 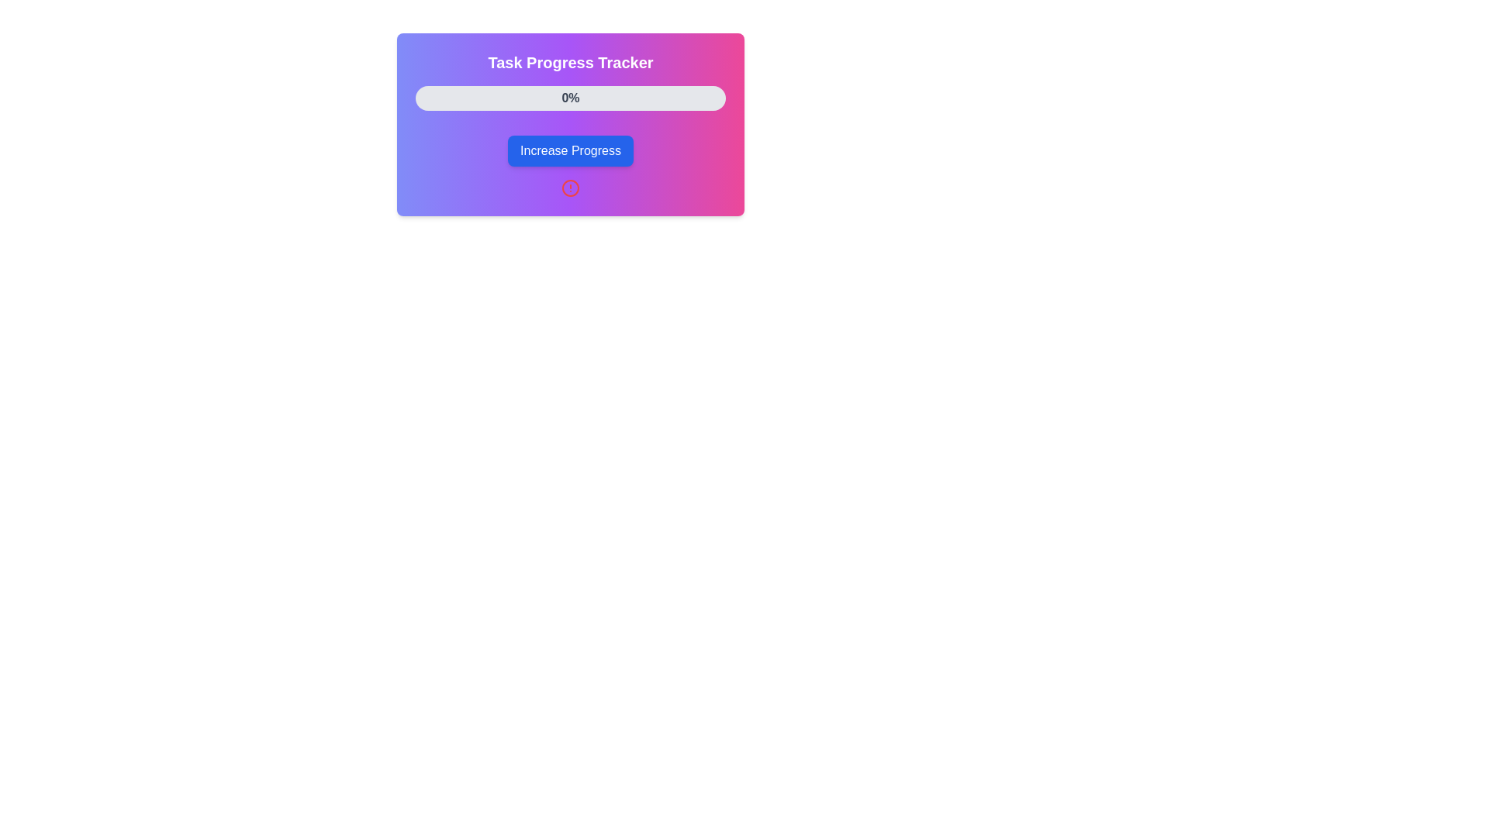 What do you see at coordinates (569, 62) in the screenshot?
I see `the 'Task Progress Tracker' text label, which is a medium-large bold title located at the top of the panel with a gradient background` at bounding box center [569, 62].